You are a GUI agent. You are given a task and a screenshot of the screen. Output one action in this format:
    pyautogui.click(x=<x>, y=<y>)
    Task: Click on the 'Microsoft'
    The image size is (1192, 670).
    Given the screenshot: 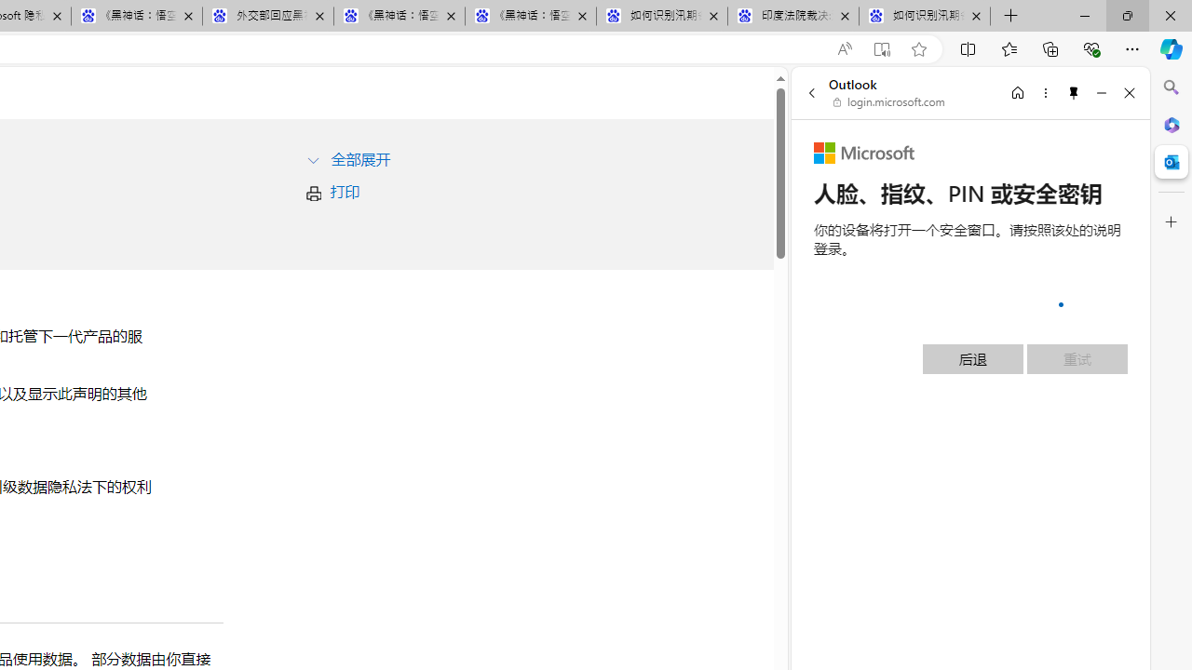 What is the action you would take?
    pyautogui.click(x=863, y=153)
    